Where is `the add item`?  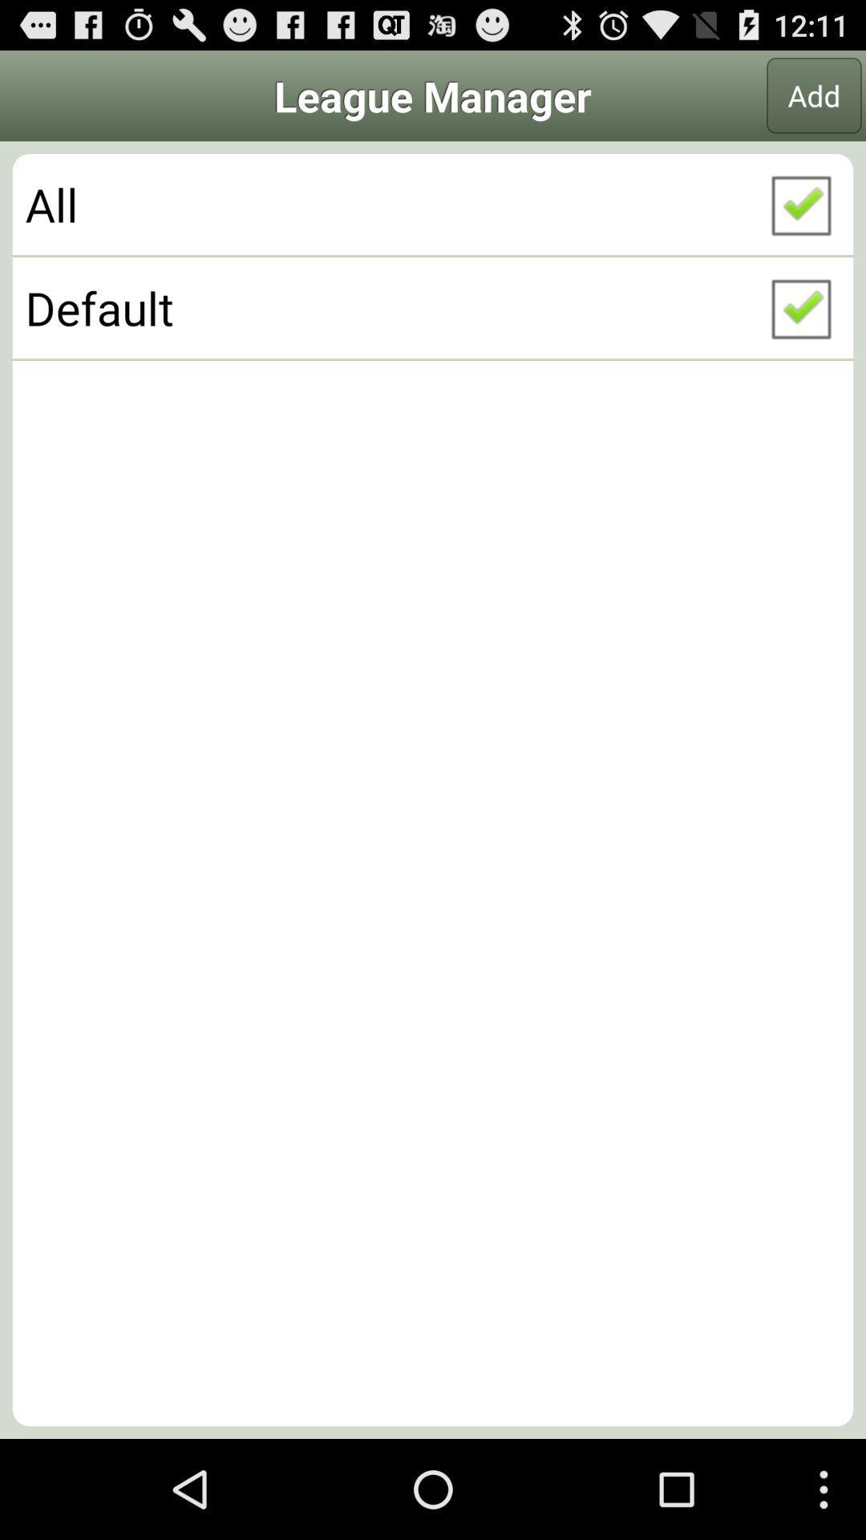 the add item is located at coordinates (814, 95).